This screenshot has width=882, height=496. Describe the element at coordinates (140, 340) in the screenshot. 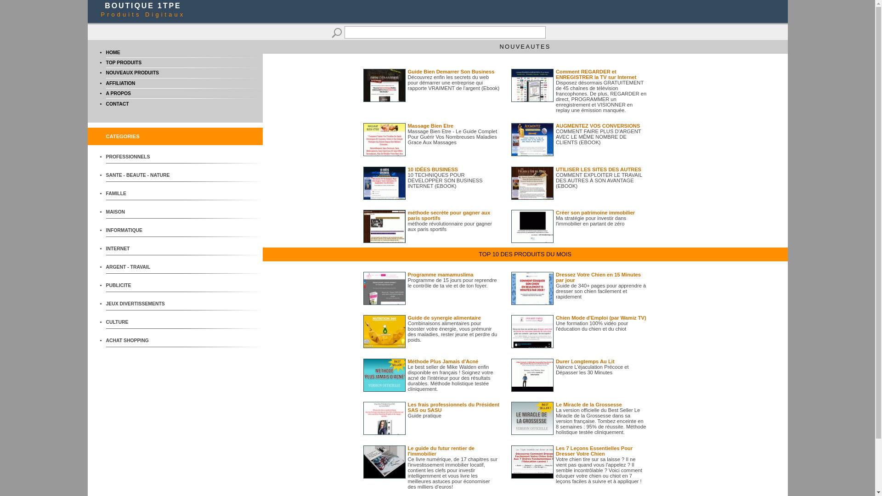

I see `'ACHAT SHOPPING'` at that location.